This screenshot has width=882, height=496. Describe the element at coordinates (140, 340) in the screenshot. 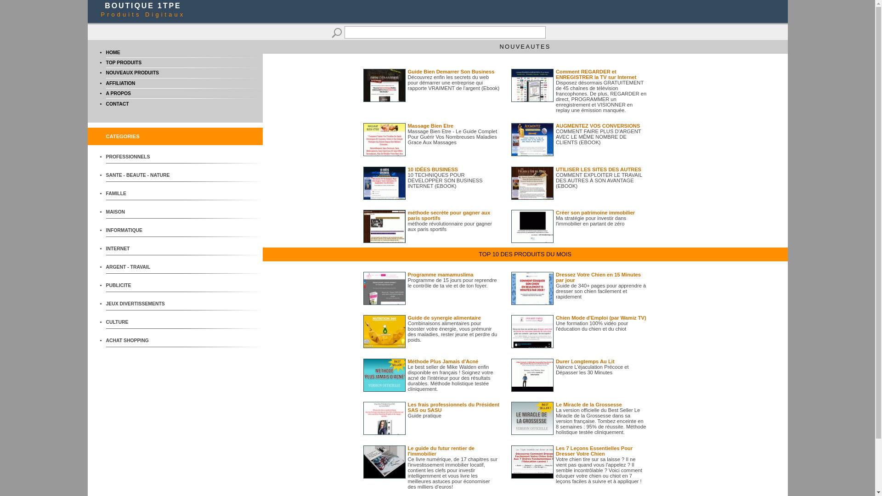

I see `'ACHAT SHOPPING'` at that location.